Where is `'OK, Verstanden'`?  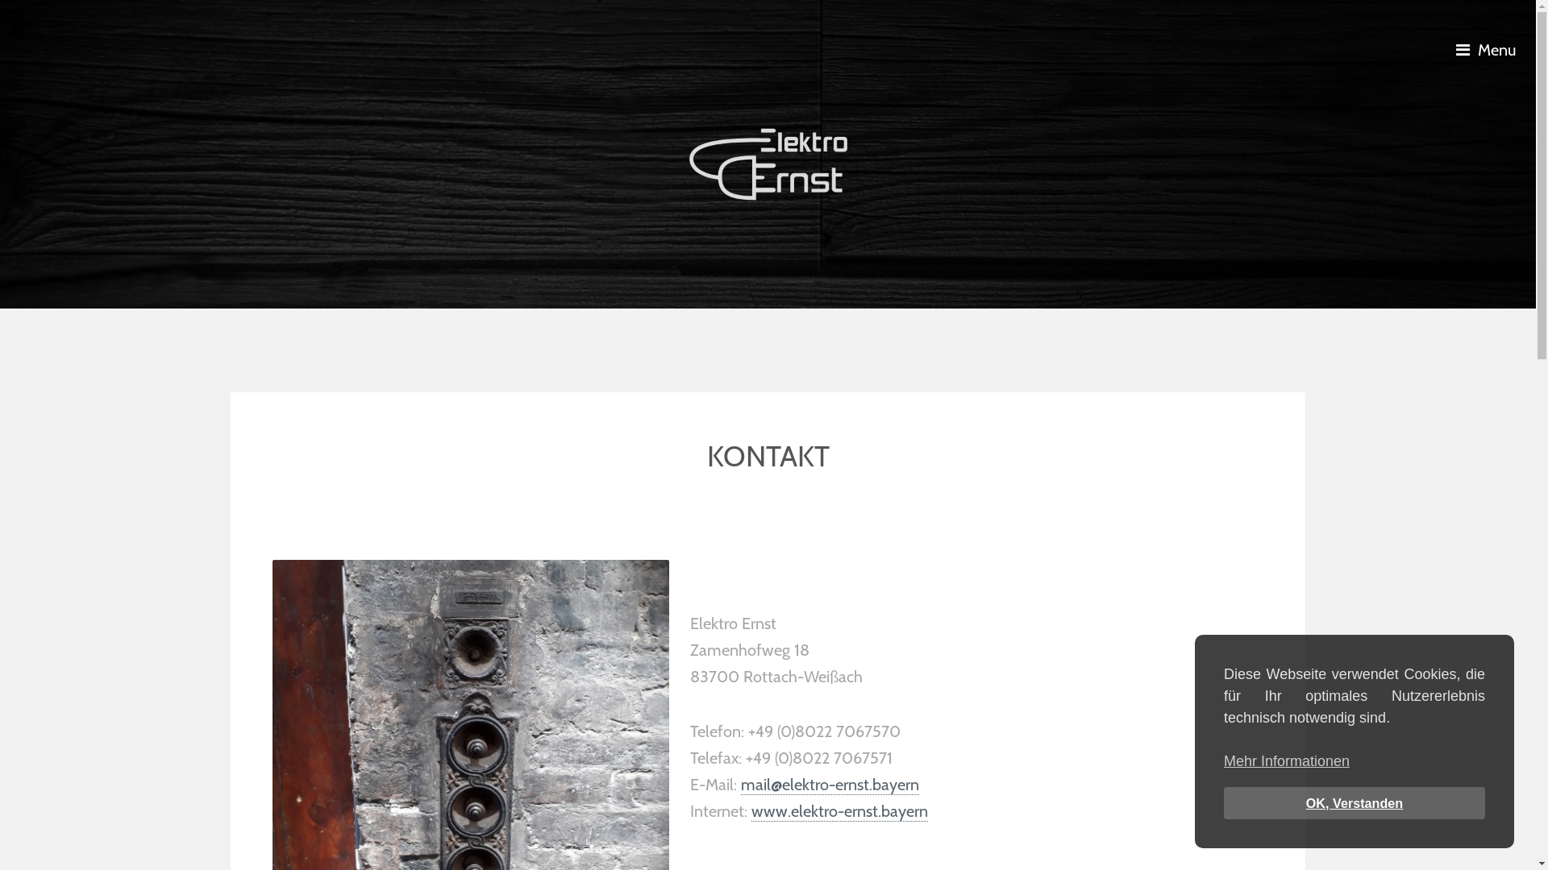 'OK, Verstanden' is located at coordinates (1354, 802).